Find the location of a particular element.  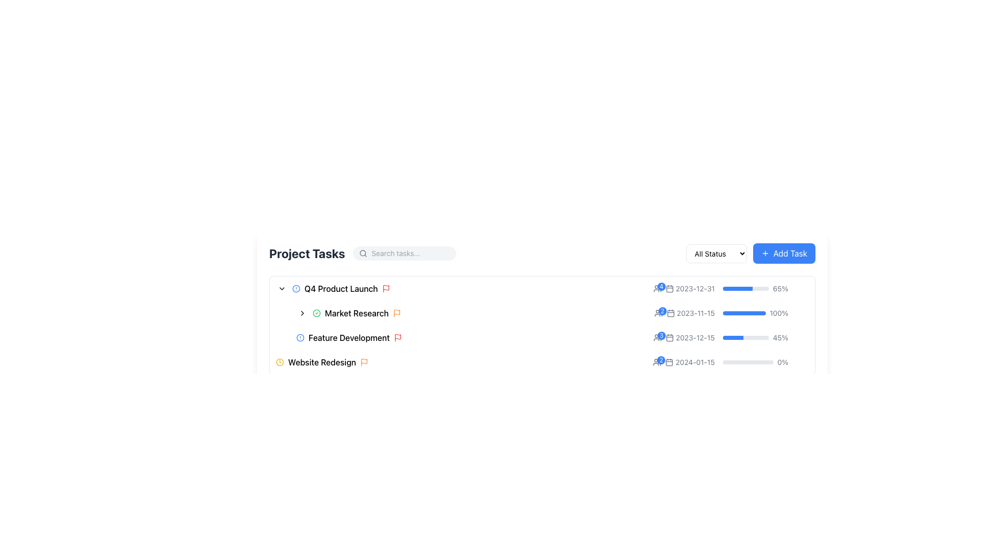

the percentage text label displaying '0%' next to the progress bar in the 'Website Redesign' task row is located at coordinates (730, 362).